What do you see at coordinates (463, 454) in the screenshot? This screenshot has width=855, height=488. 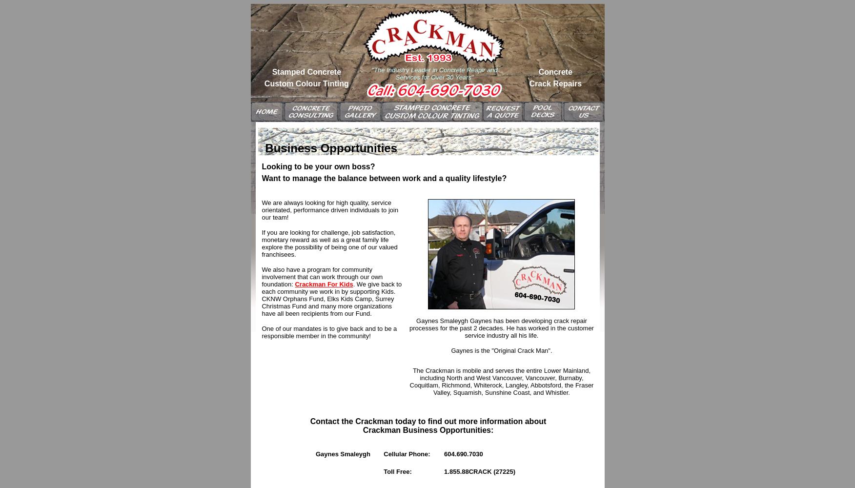 I see `'604.690.7030'` at bounding box center [463, 454].